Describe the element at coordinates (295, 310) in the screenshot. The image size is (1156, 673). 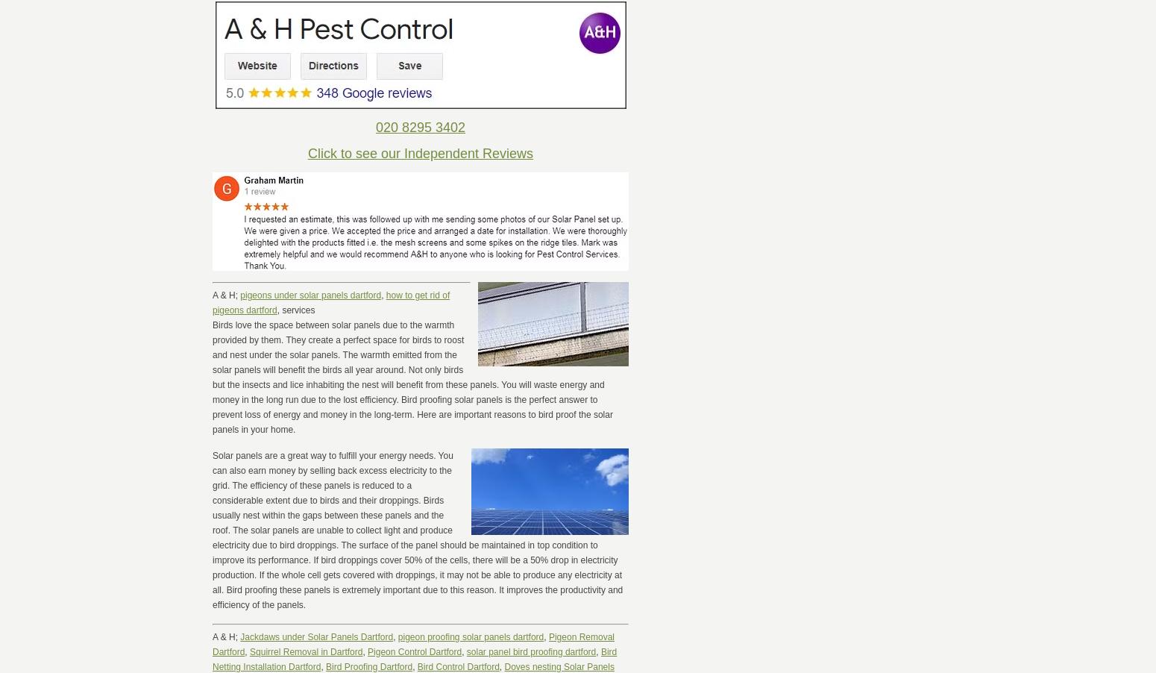
I see `', services'` at that location.